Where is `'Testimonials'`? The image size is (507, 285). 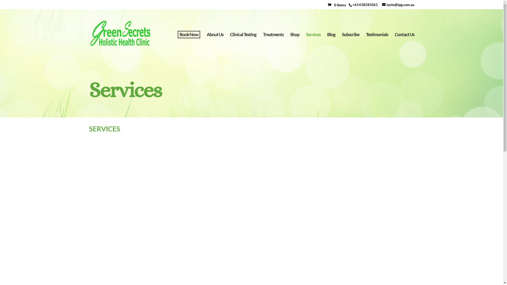 'Testimonials' is located at coordinates (366, 45).